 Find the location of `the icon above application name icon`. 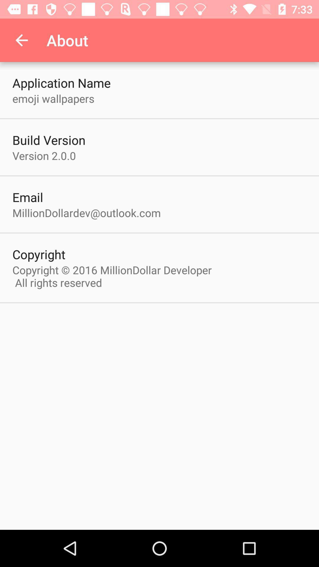

the icon above application name icon is located at coordinates (21, 40).